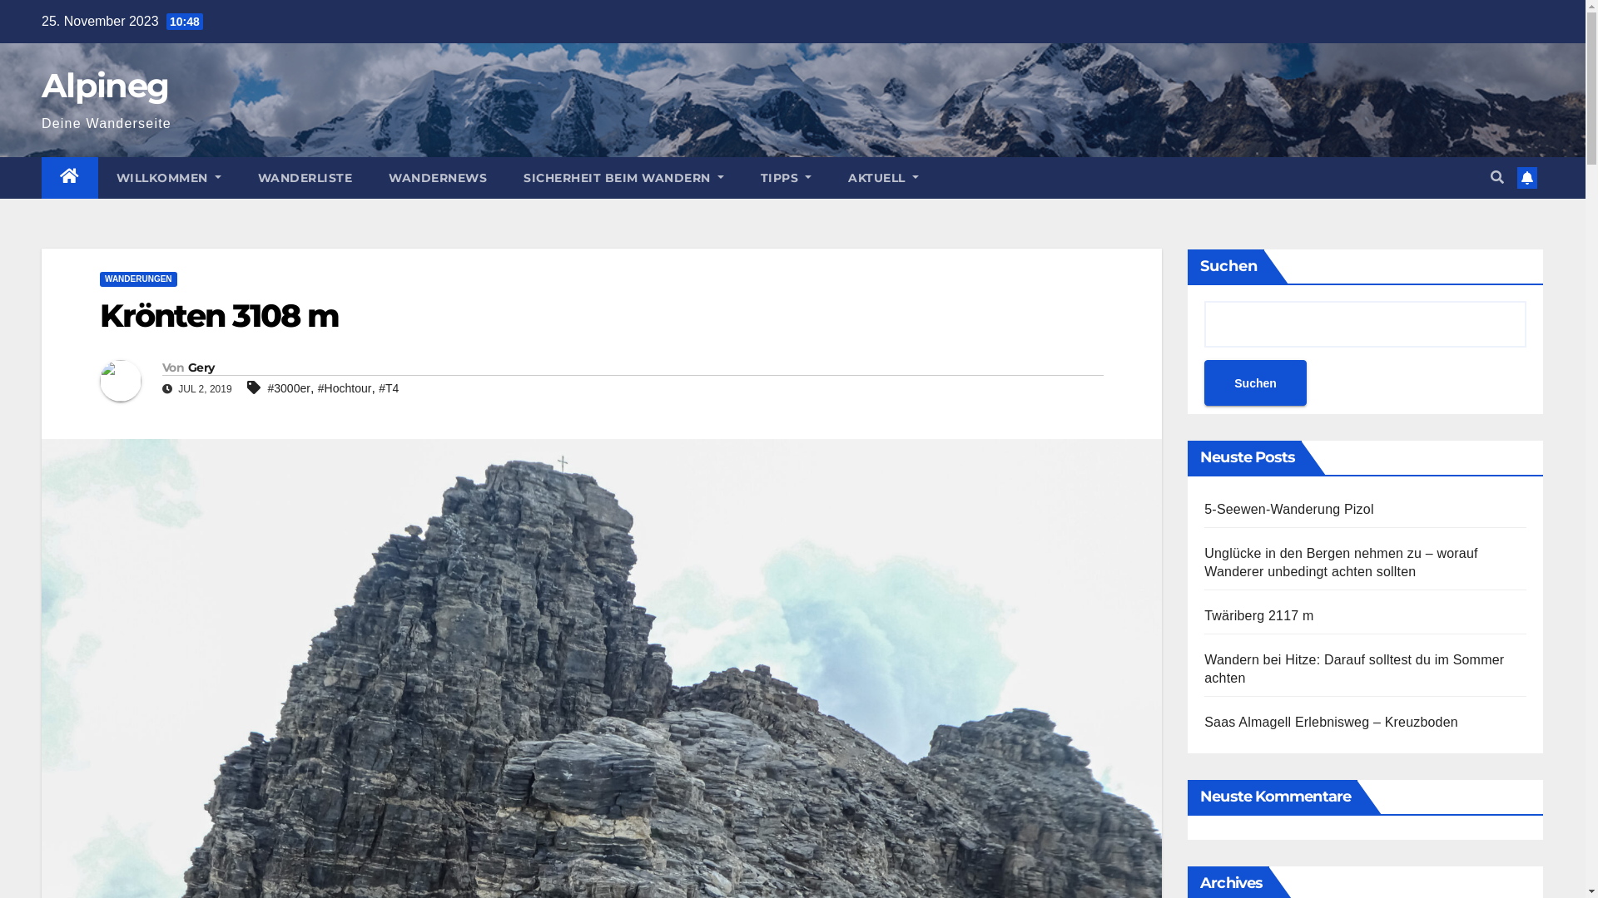 The height and width of the screenshot is (898, 1598). Describe the element at coordinates (187, 367) in the screenshot. I see `'Gery'` at that location.